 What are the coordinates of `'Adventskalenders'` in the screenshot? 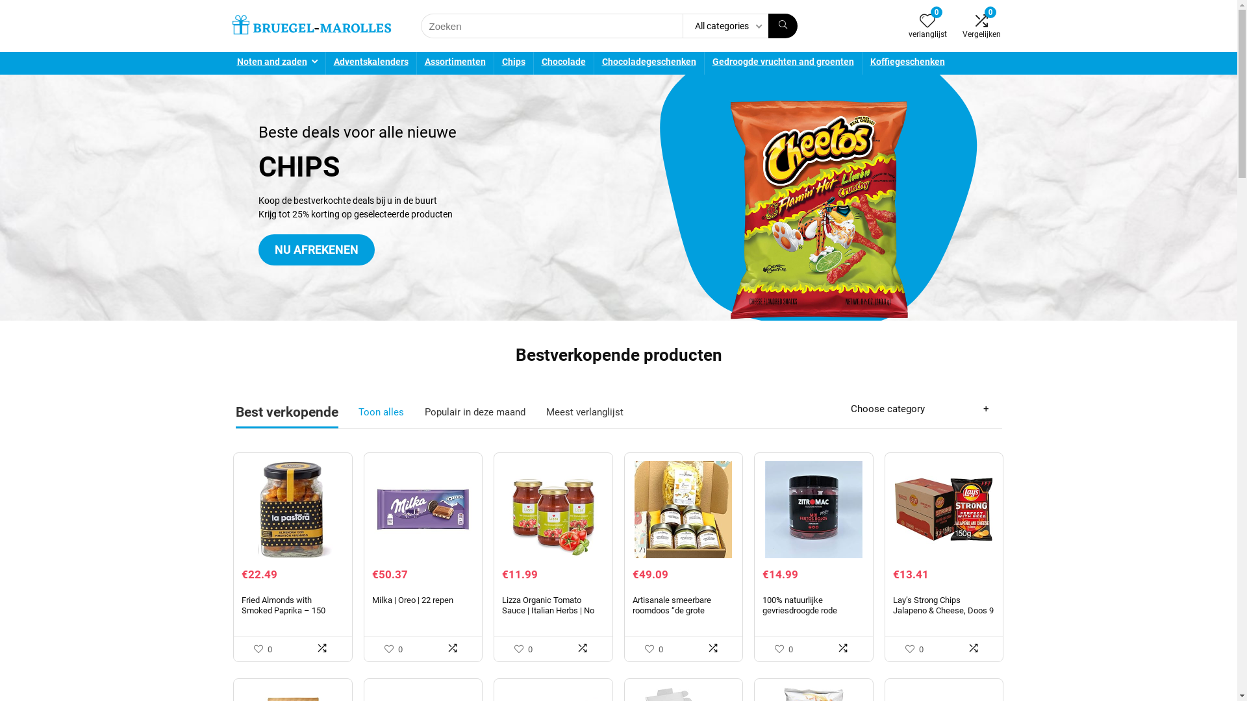 It's located at (370, 63).